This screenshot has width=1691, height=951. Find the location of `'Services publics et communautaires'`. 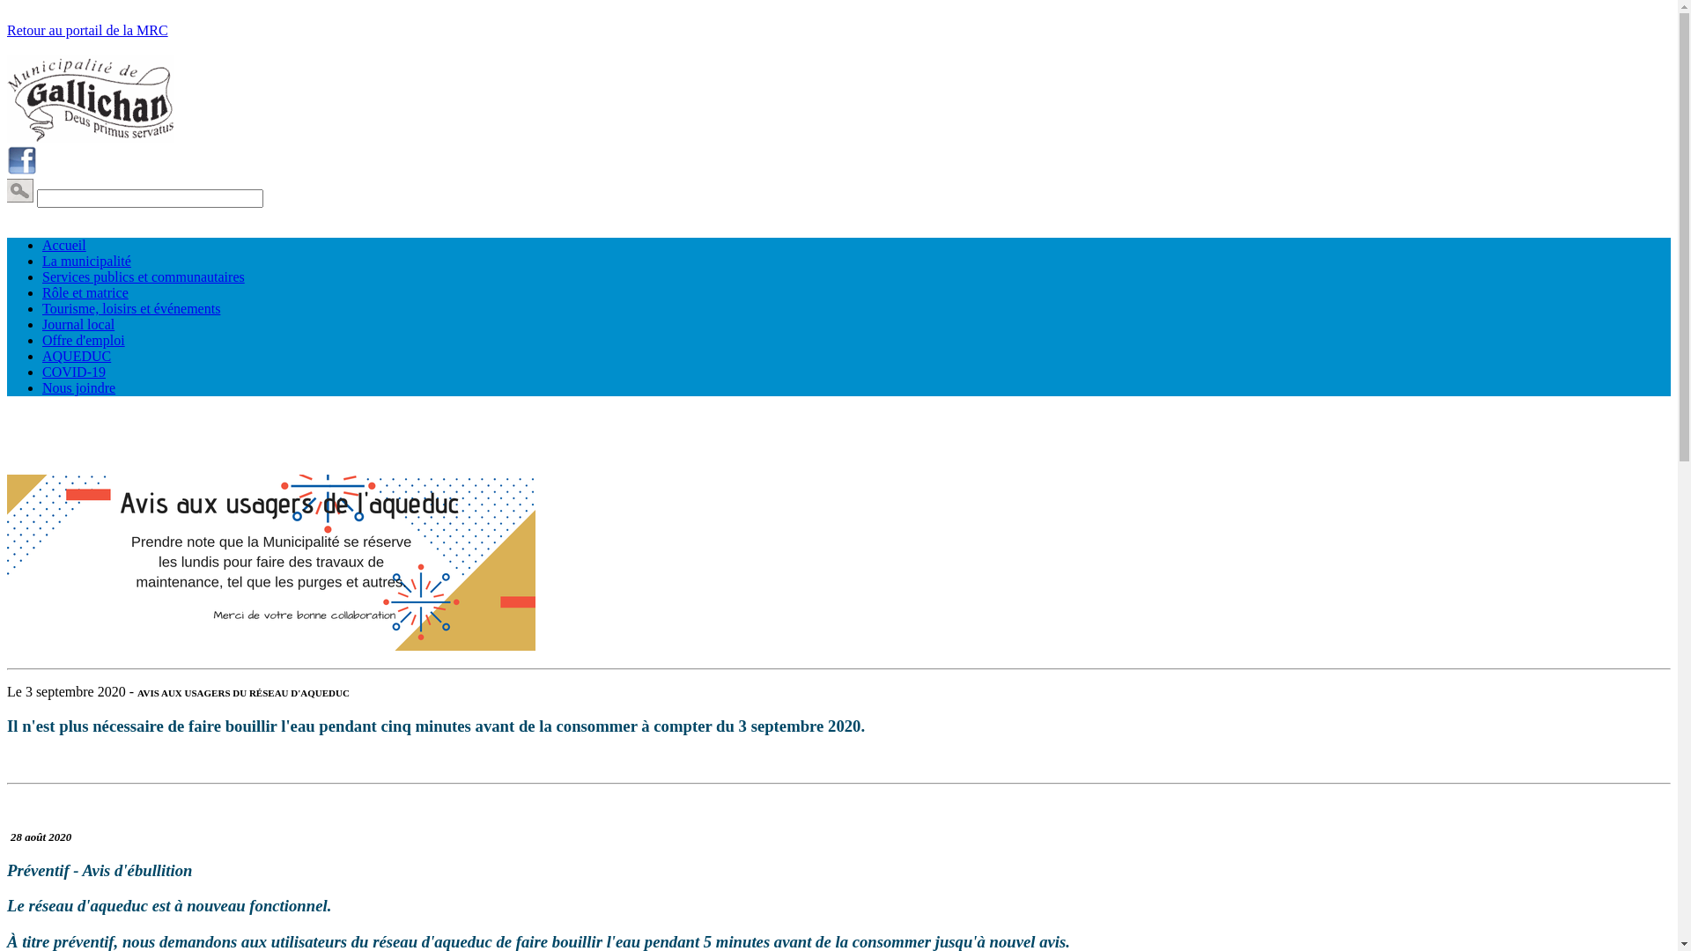

'Services publics et communautaires' is located at coordinates (144, 276).